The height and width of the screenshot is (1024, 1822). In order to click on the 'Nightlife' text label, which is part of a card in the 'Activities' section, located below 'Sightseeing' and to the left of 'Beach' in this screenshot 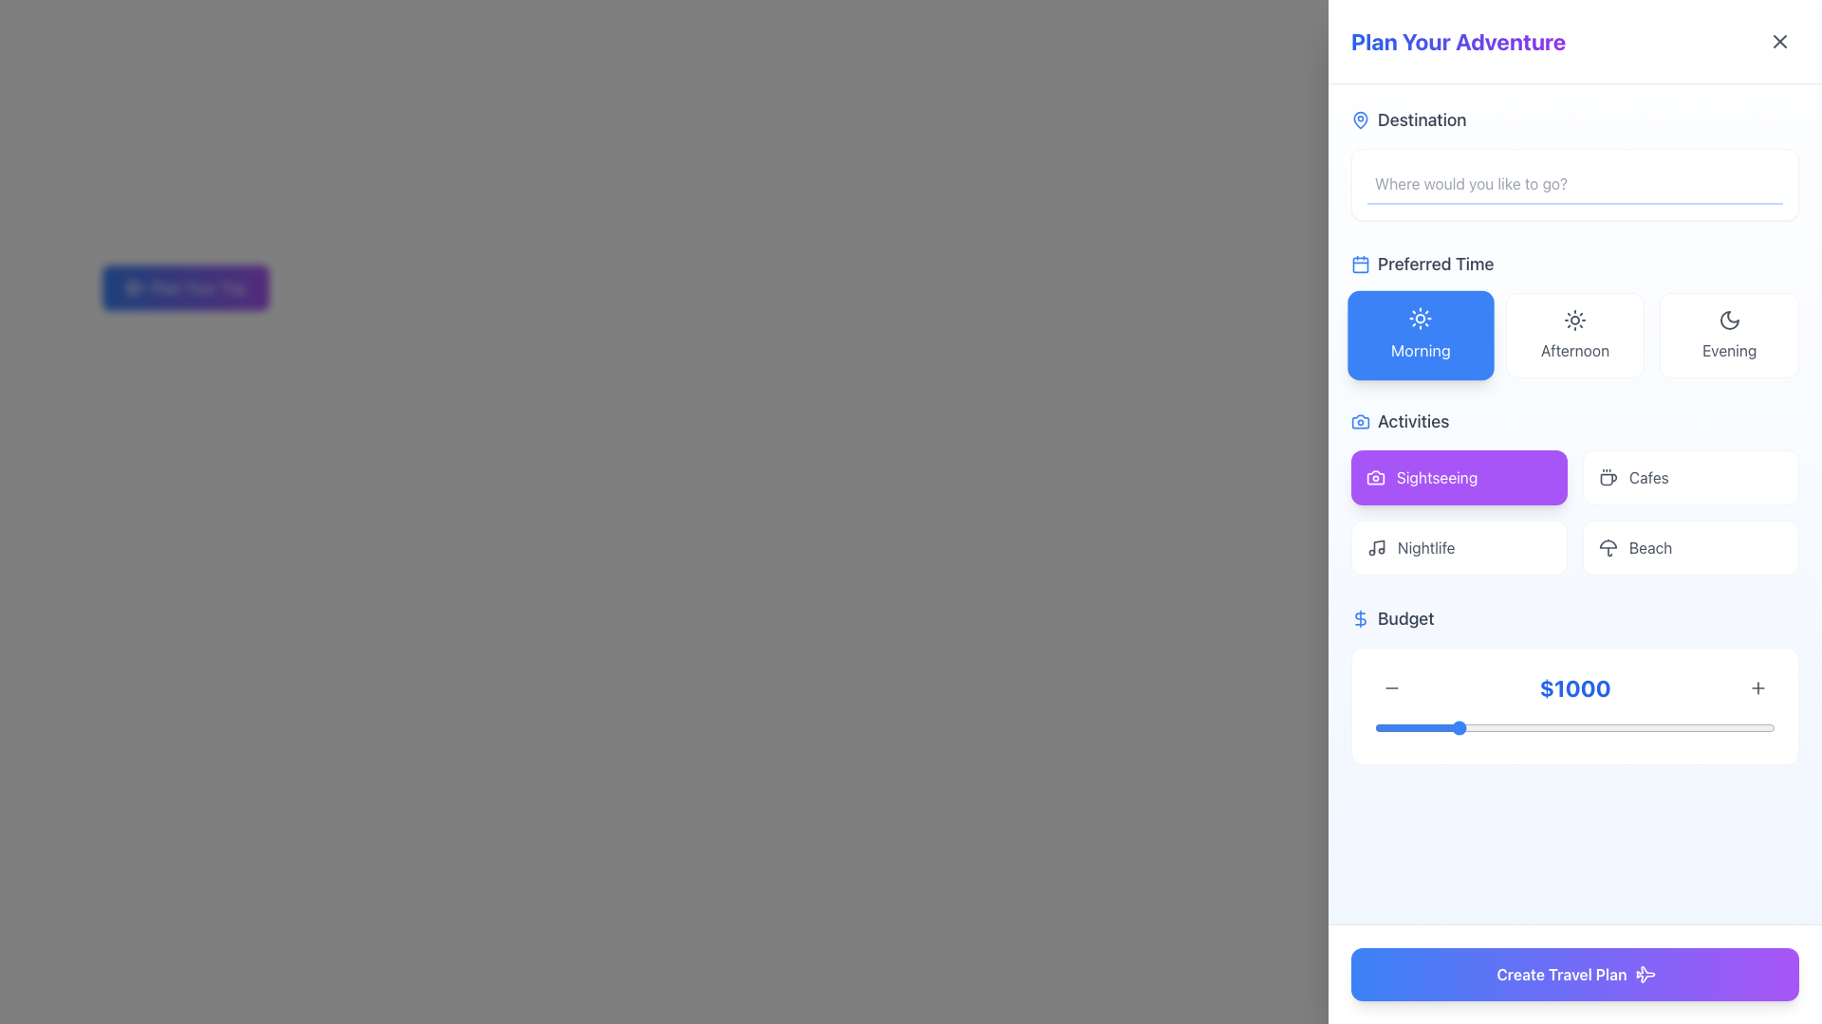, I will do `click(1426, 548)`.